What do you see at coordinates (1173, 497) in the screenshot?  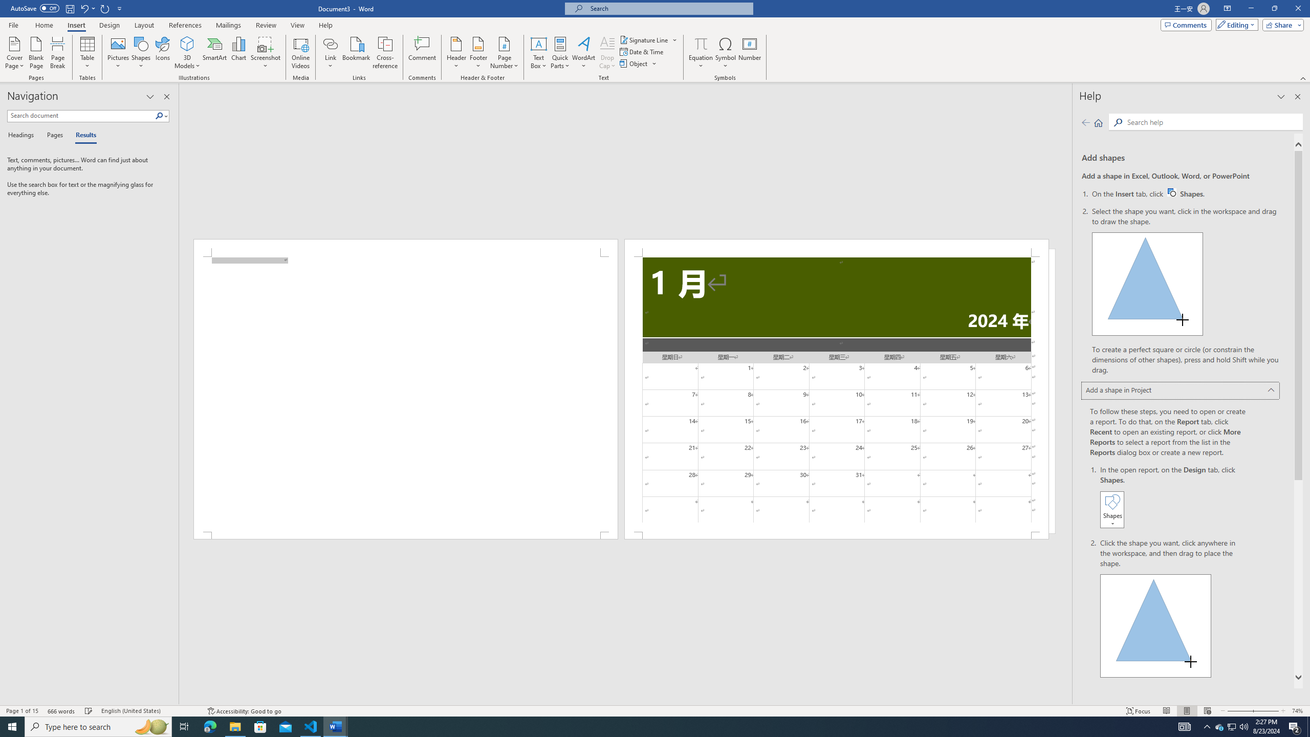 I see `'In the open report, on the Design tab, click Shapes.'` at bounding box center [1173, 497].